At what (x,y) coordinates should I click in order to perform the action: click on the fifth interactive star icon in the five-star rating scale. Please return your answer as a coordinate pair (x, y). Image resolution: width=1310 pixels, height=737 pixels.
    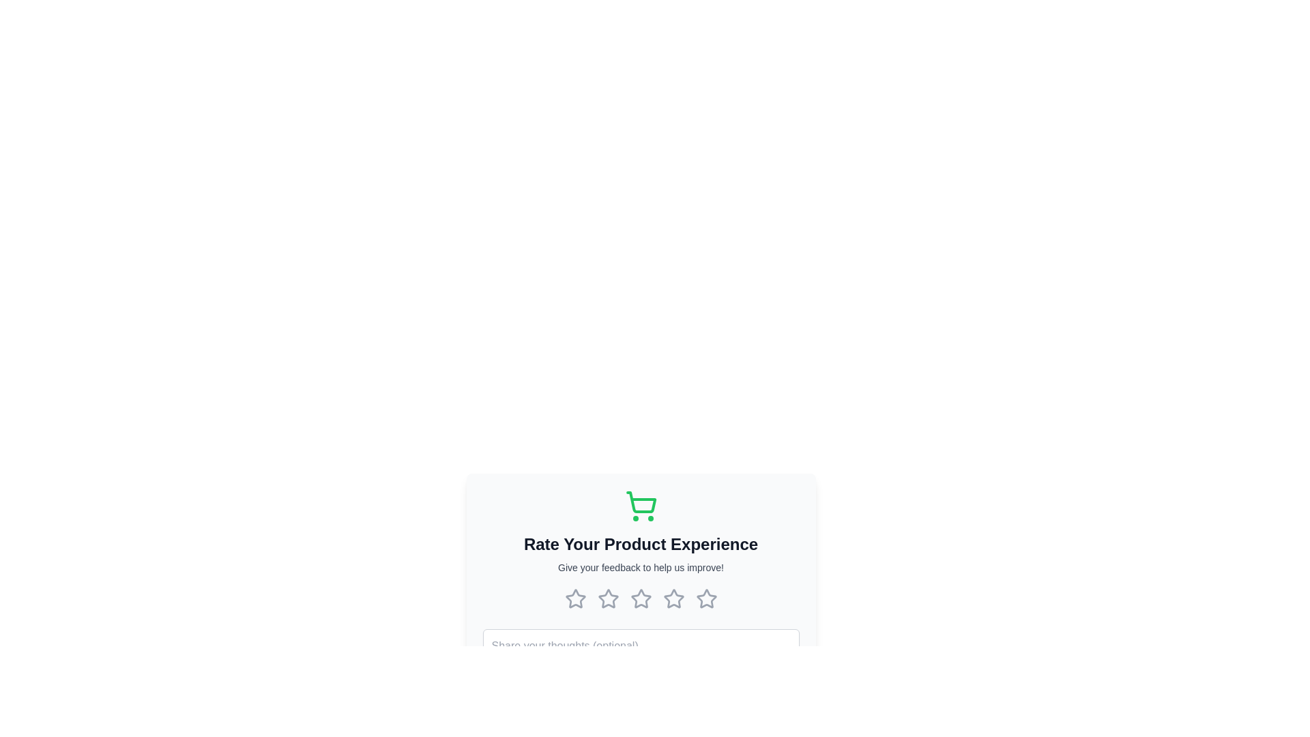
    Looking at the image, I should click on (706, 598).